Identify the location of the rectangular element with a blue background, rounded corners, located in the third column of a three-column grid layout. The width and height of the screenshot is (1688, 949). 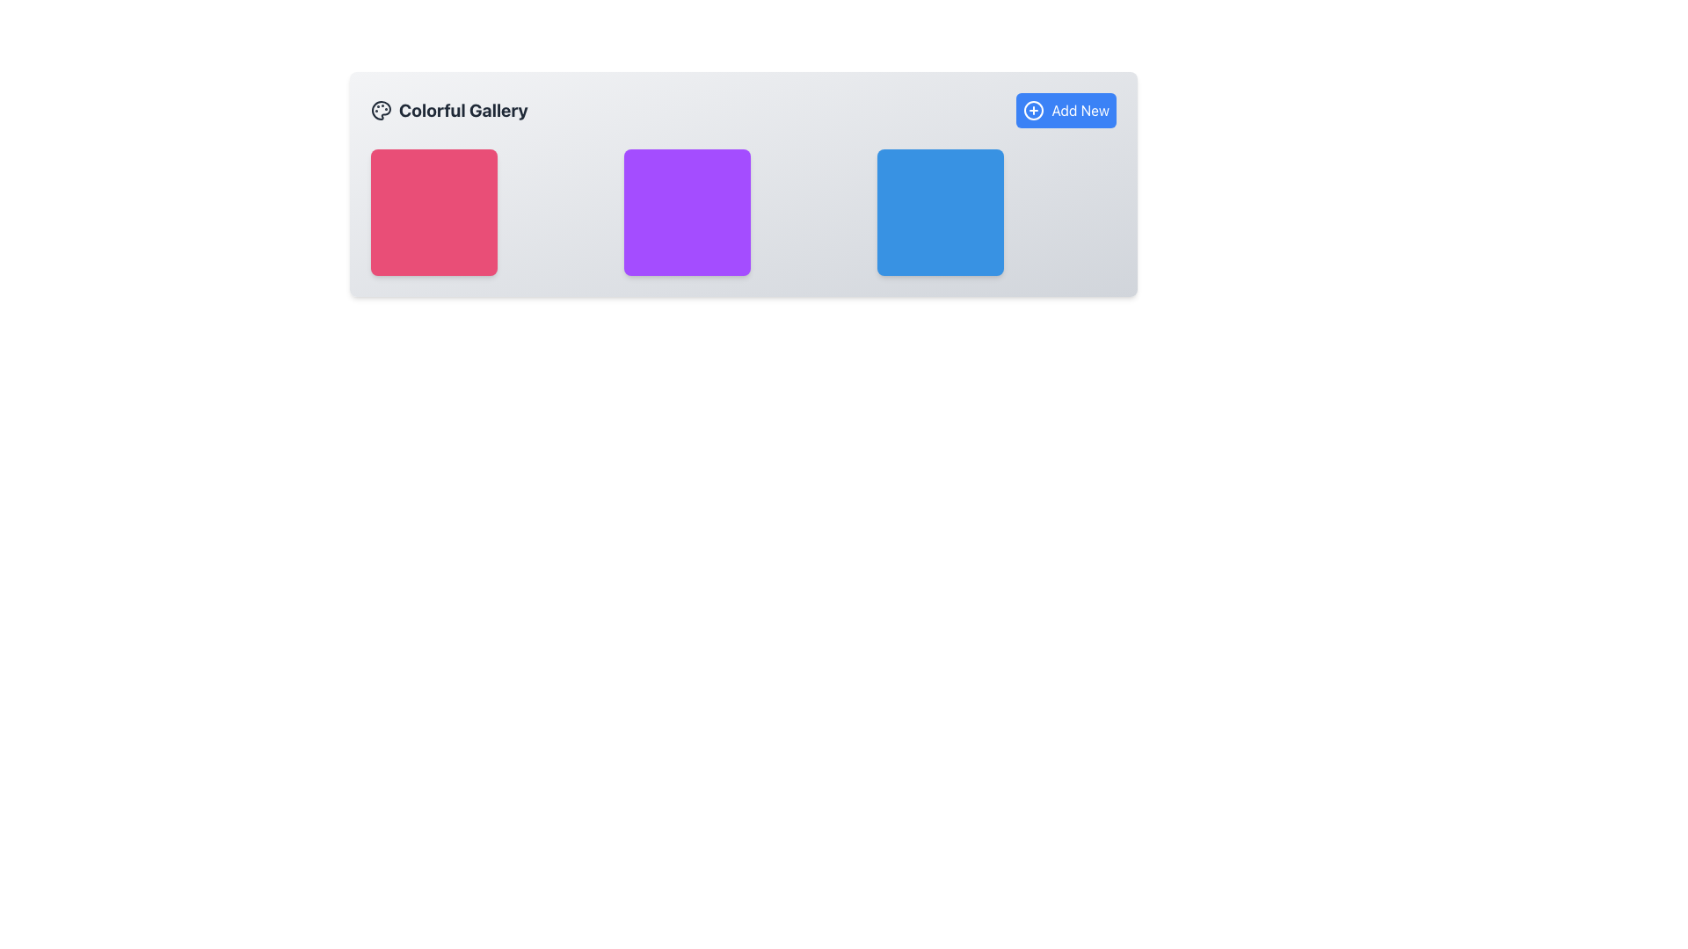
(996, 212).